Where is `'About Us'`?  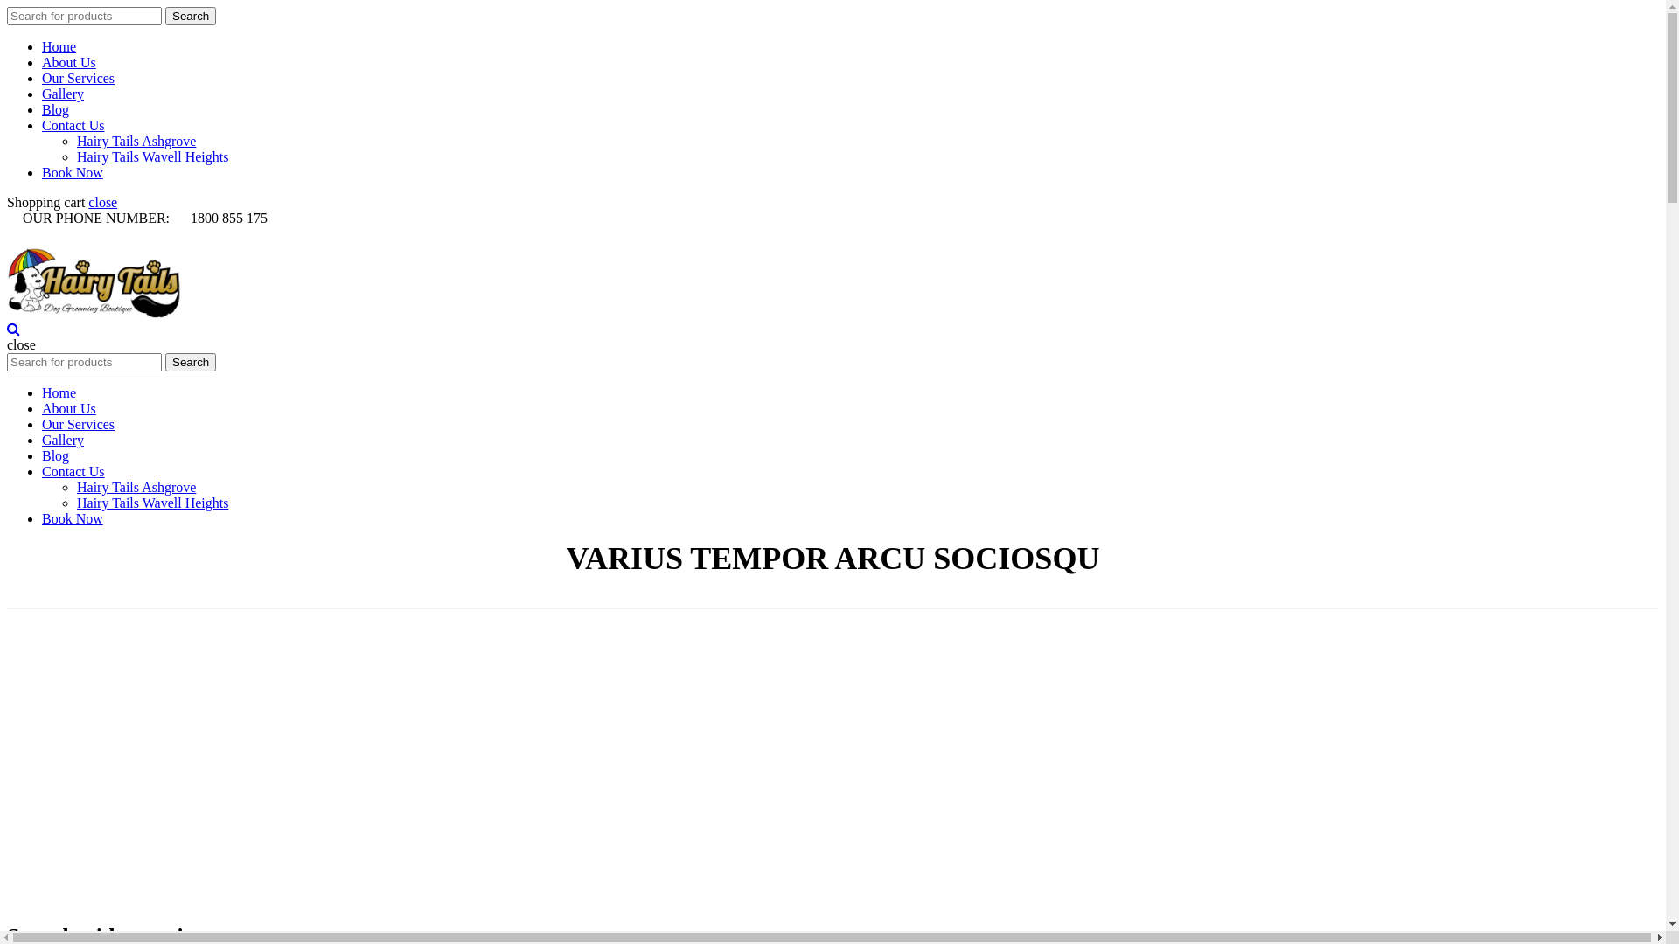 'About Us' is located at coordinates (42, 61).